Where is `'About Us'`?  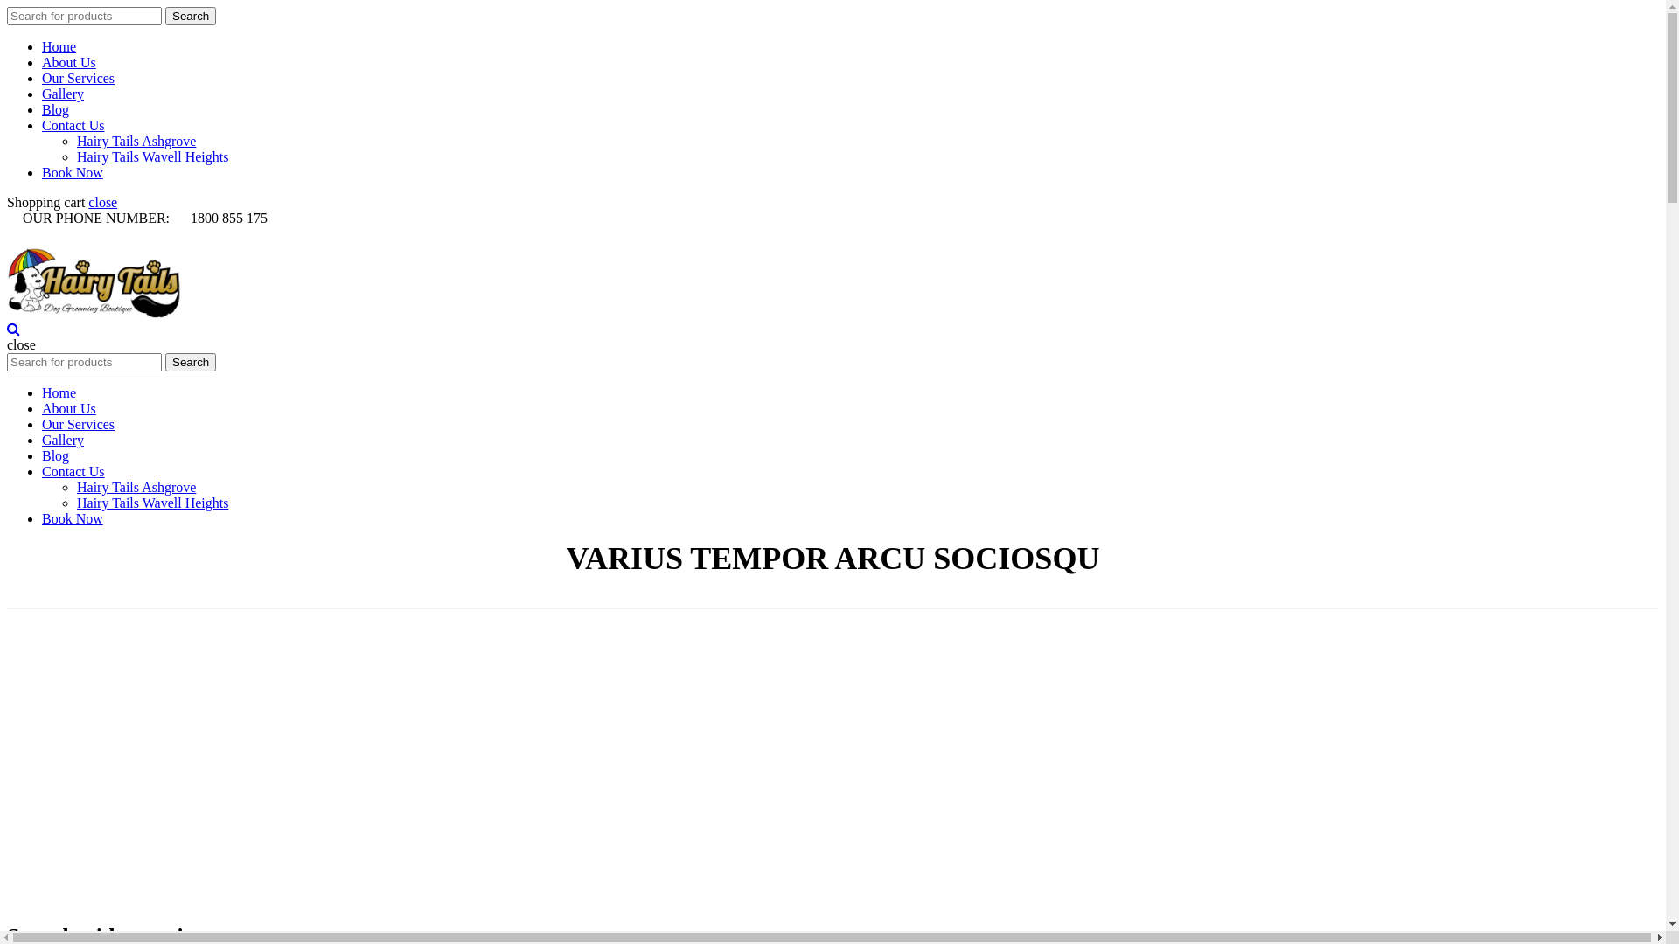 'About Us' is located at coordinates (42, 61).